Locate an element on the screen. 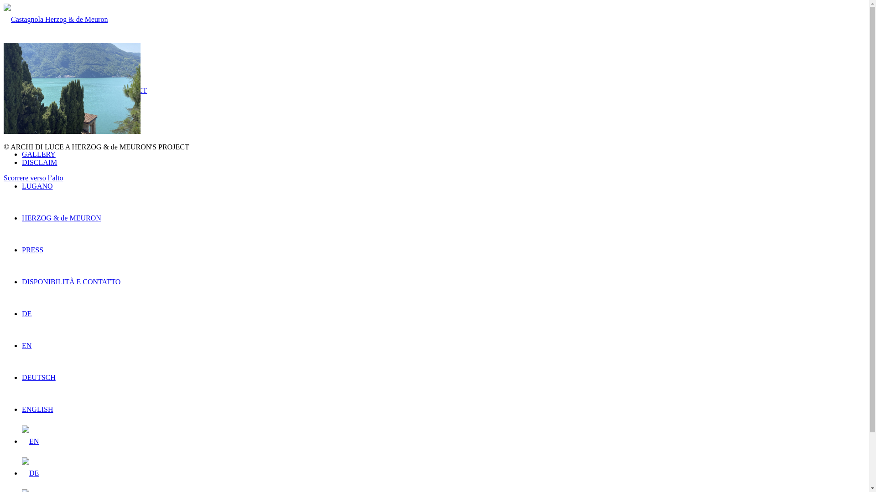 The width and height of the screenshot is (876, 492). 'HERZOG & de MEURON' is located at coordinates (22, 218).